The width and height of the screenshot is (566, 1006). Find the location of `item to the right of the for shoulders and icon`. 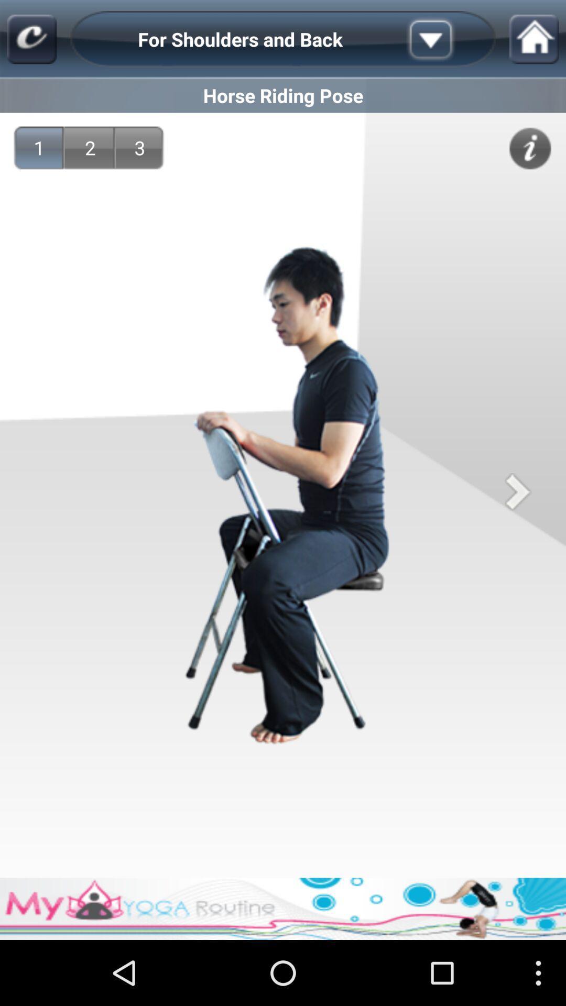

item to the right of the for shoulders and icon is located at coordinates (447, 39).